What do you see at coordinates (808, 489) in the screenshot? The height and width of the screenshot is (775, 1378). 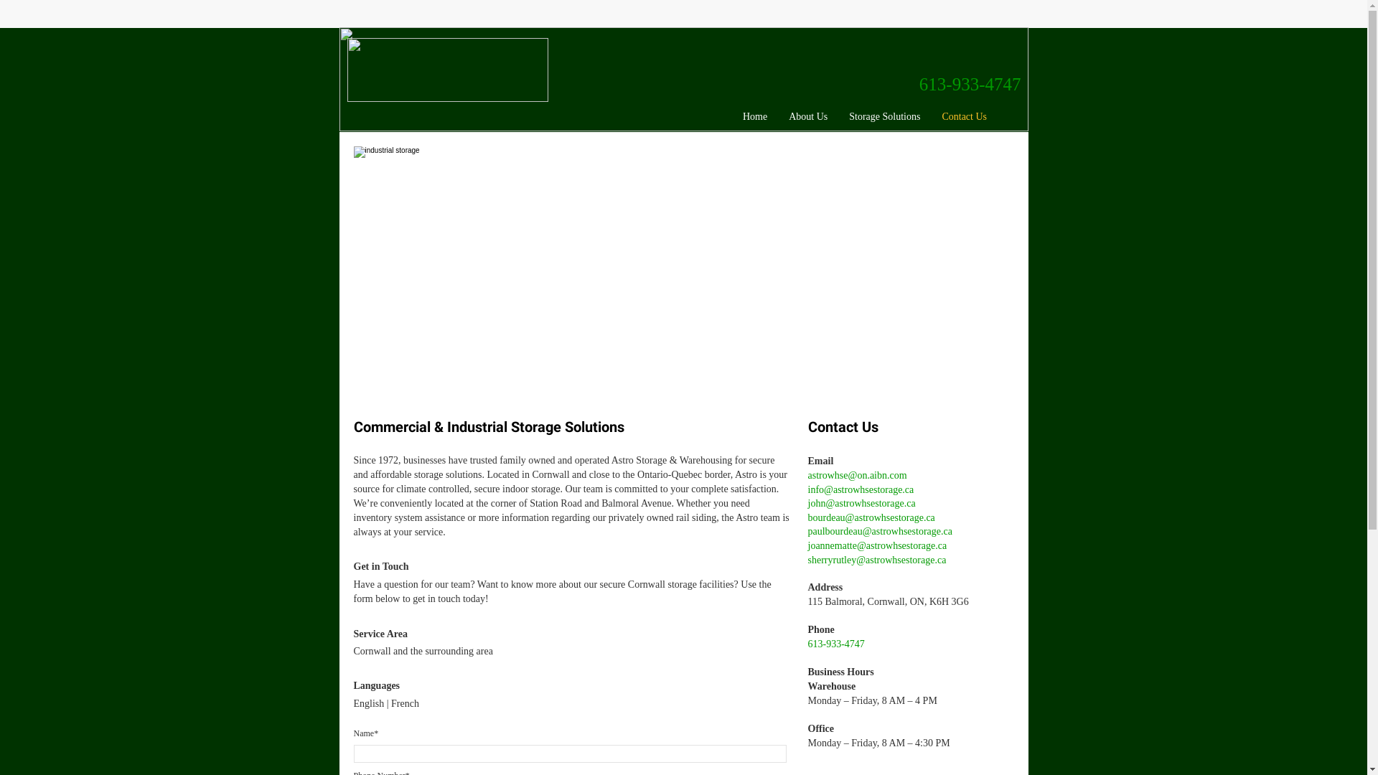 I see `'info@astrowhsestorage.ca'` at bounding box center [808, 489].